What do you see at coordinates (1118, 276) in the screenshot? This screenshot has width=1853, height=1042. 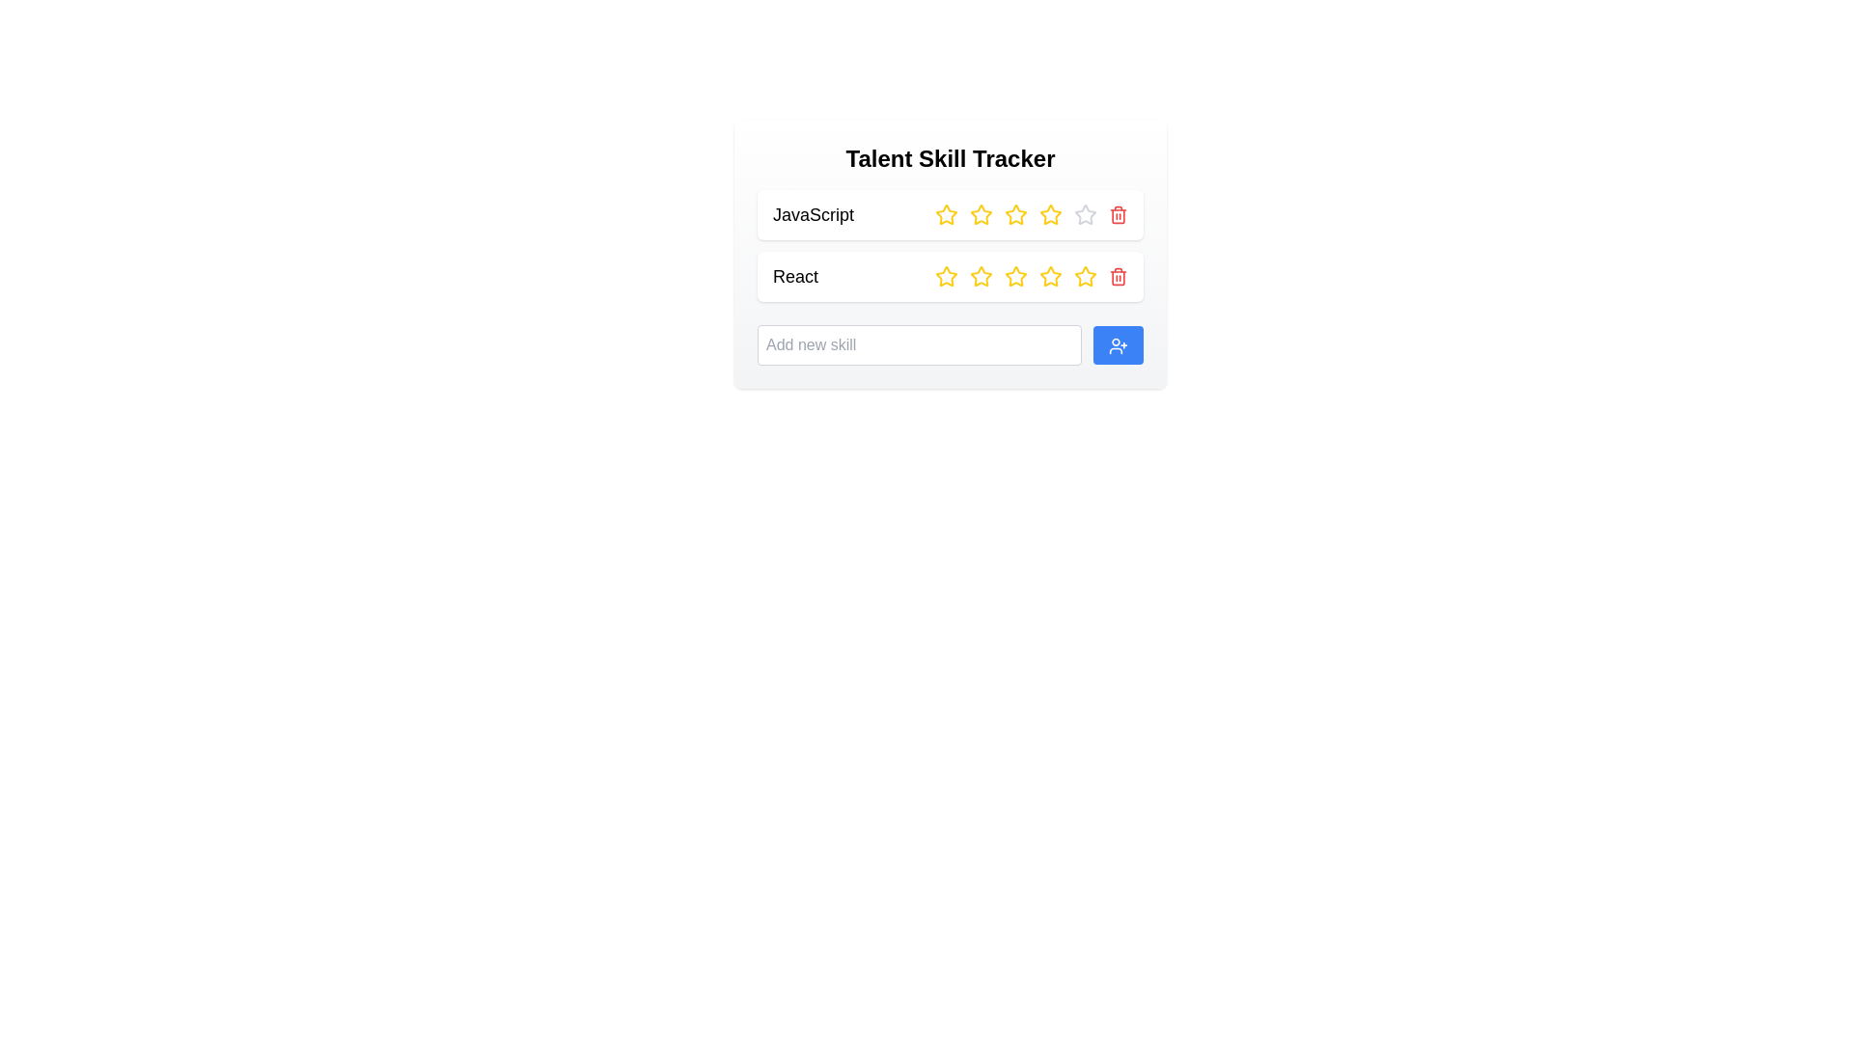 I see `the delete button located at the far-right edge of the second list item in the skill tracker interface` at bounding box center [1118, 276].